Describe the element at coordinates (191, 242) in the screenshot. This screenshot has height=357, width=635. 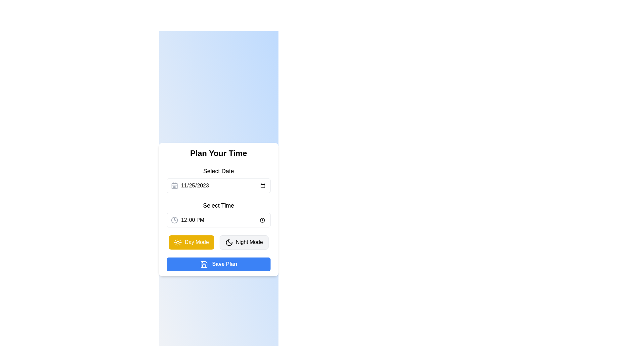
I see `the 'Day Mode' toggle button using keyboard navigation` at that location.